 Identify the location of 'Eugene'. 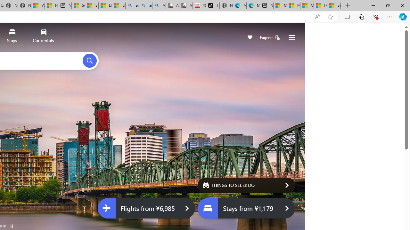
(269, 37).